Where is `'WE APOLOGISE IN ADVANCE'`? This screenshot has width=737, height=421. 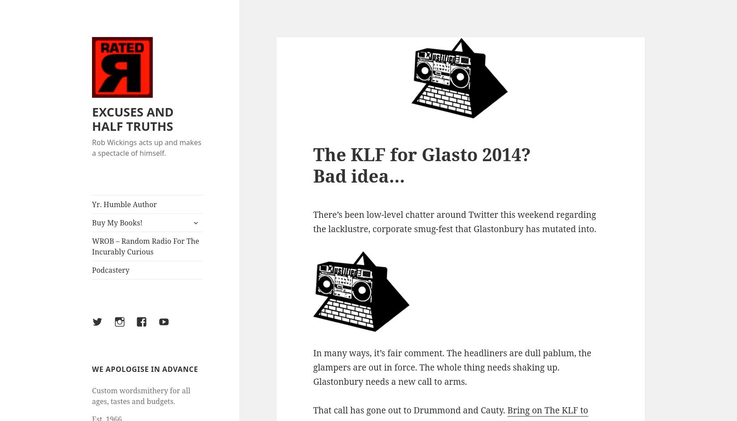
'WE APOLOGISE IN ADVANCE' is located at coordinates (145, 369).